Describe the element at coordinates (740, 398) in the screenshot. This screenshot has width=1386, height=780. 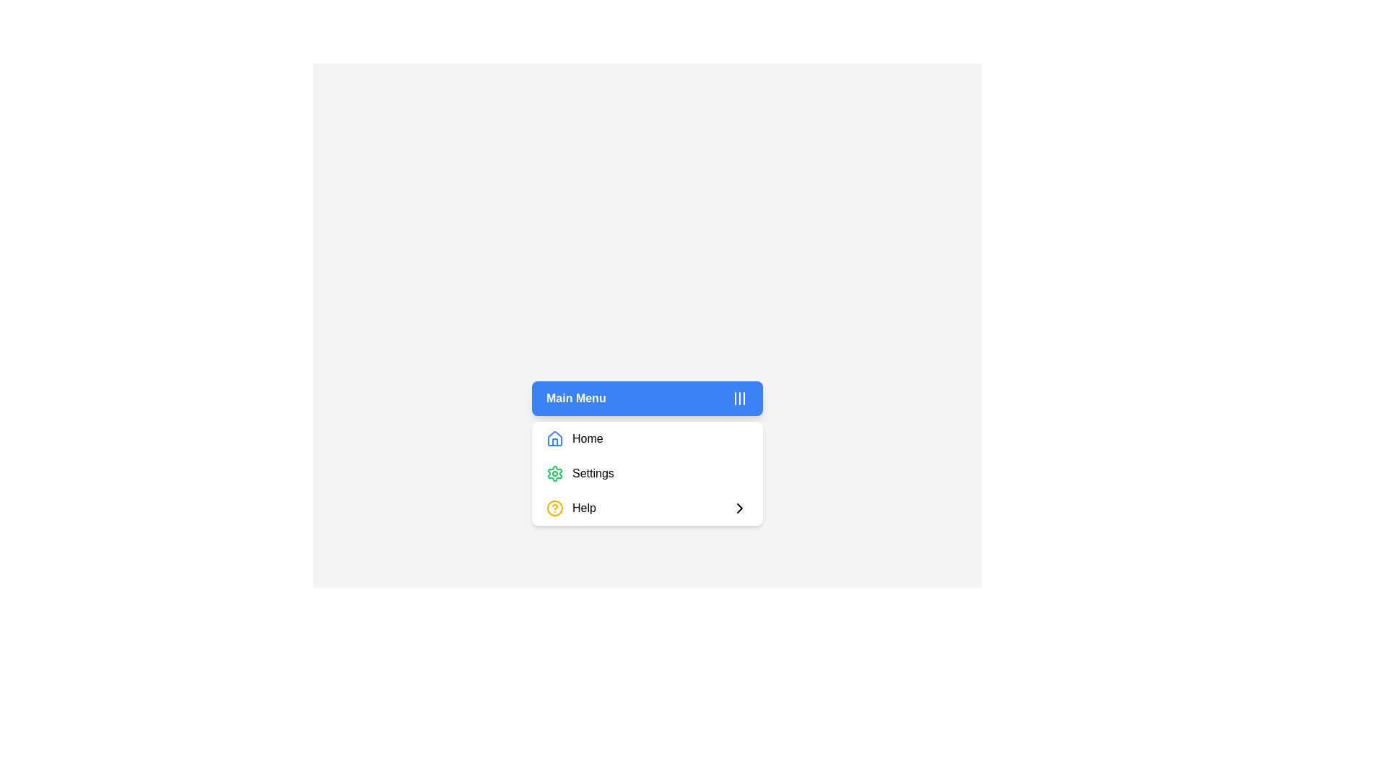
I see `the vertically aligned three-line 'menu' icon styled in white on a blue background, positioned on the right side of the 'Main Menu' header` at that location.